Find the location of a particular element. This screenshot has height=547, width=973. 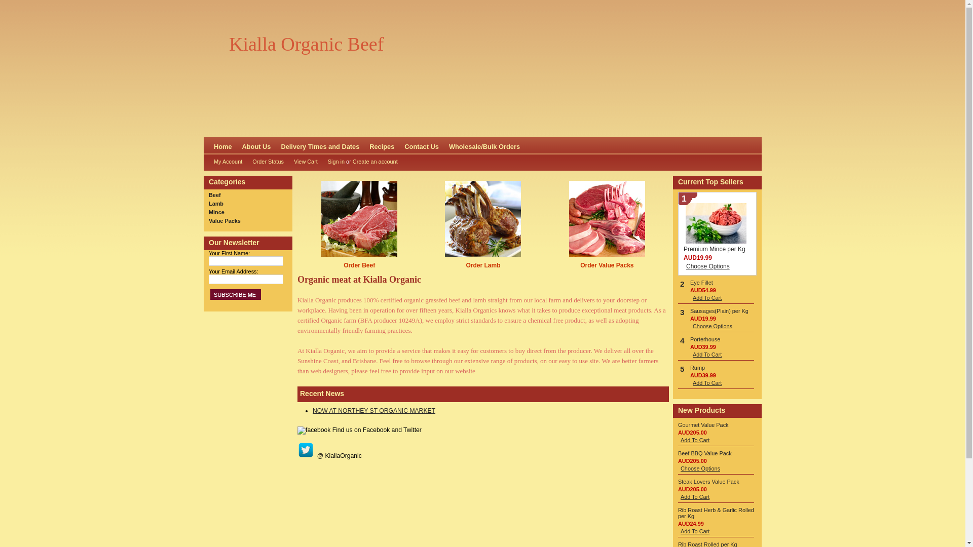

'Steak Lovers Value Pack' is located at coordinates (678, 481).